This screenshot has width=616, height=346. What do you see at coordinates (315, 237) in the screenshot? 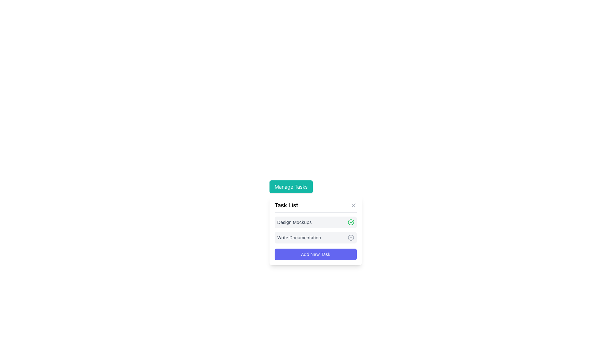
I see `the 'Write Documentation' task list item` at bounding box center [315, 237].